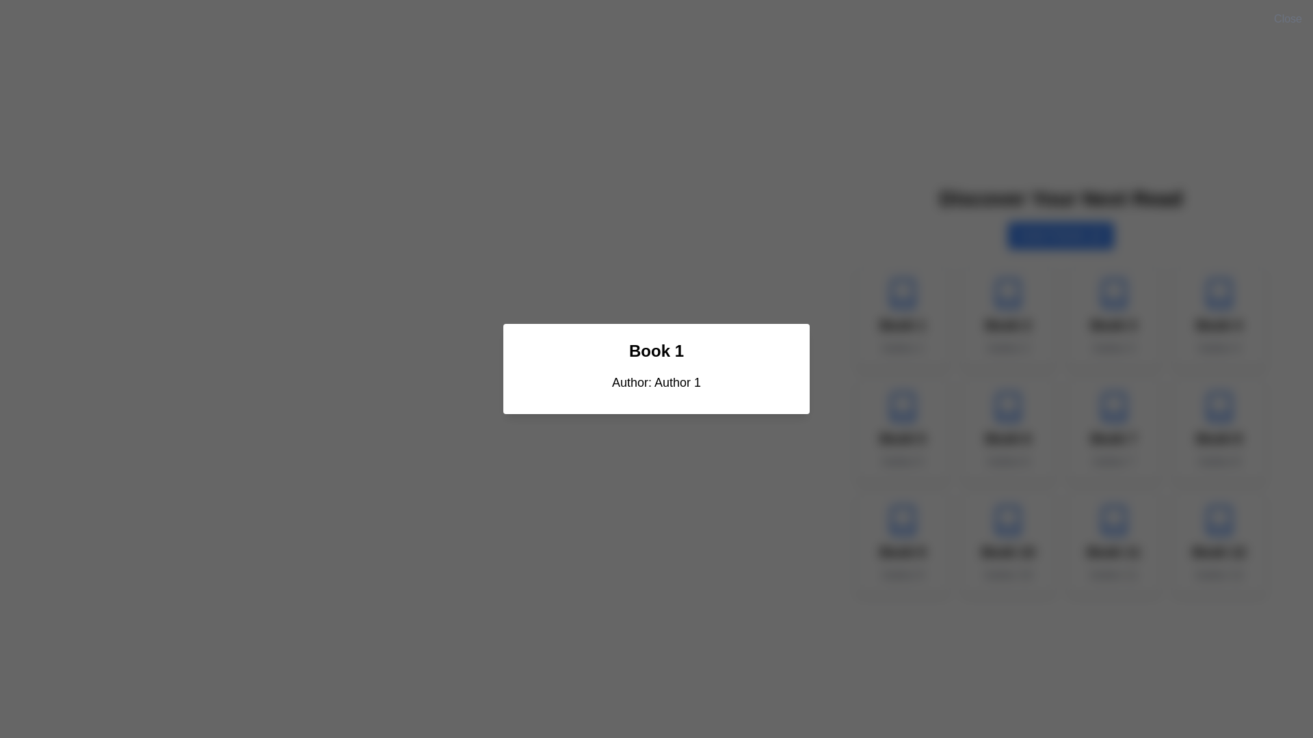  Describe the element at coordinates (1219, 407) in the screenshot. I see `the stylized book icon` at that location.